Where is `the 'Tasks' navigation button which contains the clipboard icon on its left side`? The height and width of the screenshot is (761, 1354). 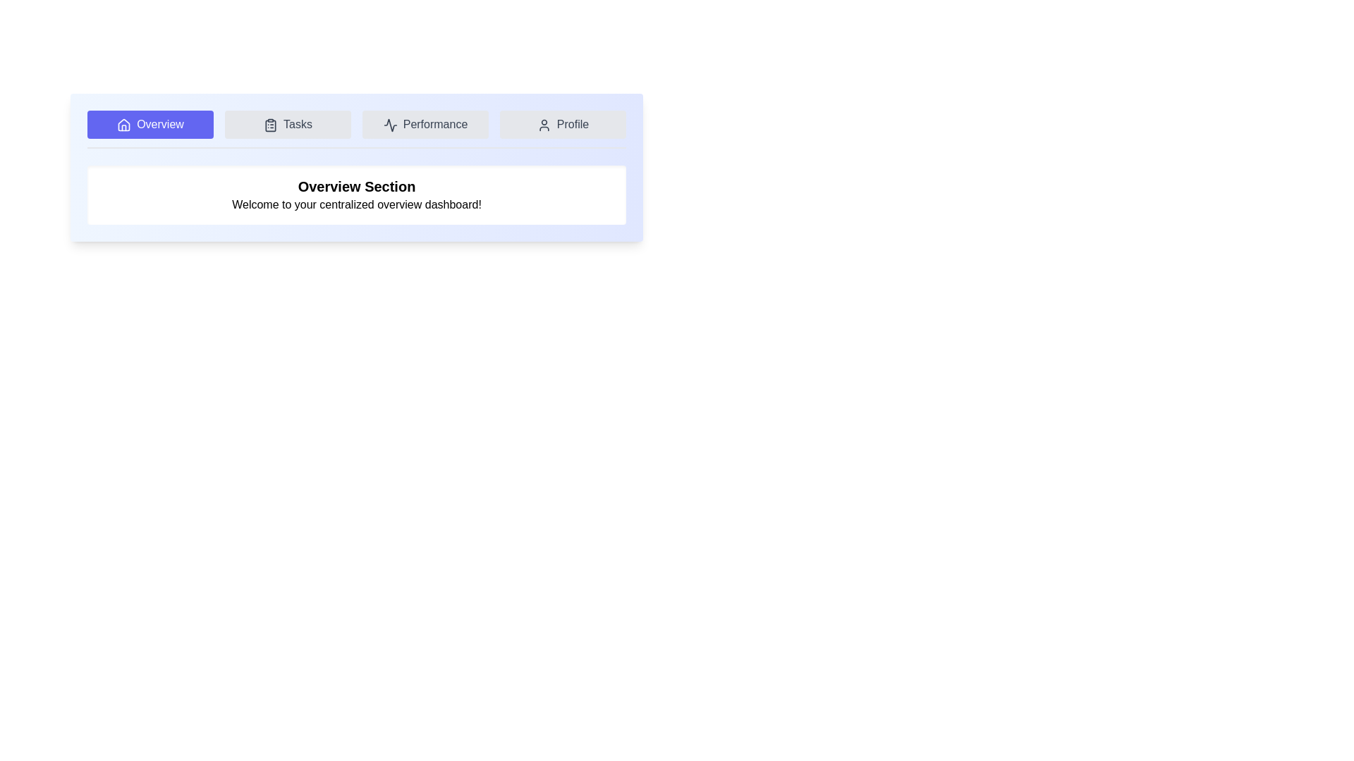
the 'Tasks' navigation button which contains the clipboard icon on its left side is located at coordinates (271, 124).